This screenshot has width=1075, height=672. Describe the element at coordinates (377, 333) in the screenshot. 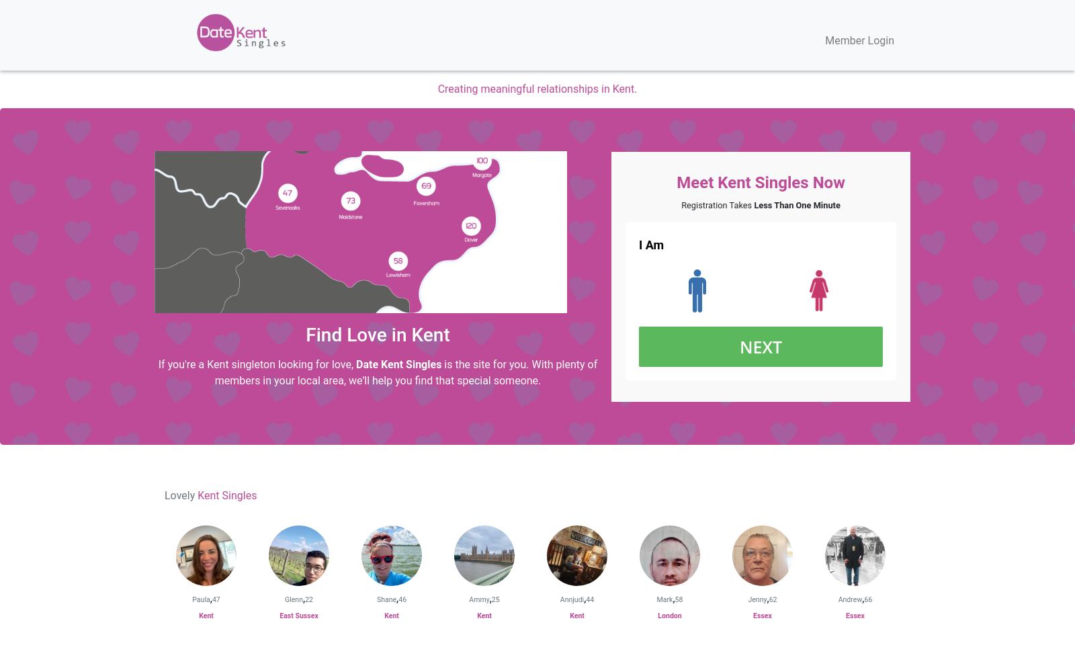

I see `'Find Love in Kent'` at that location.